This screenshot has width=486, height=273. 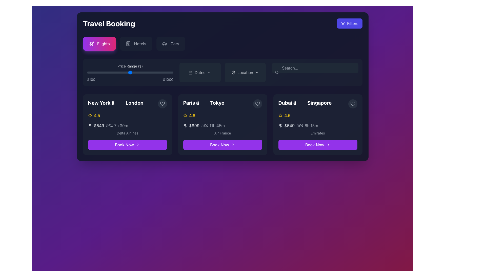 What do you see at coordinates (162, 104) in the screenshot?
I see `the circular button with a heart-shaped icon located in the upper-right corner of the travel information card from 'New York' to 'London'` at bounding box center [162, 104].